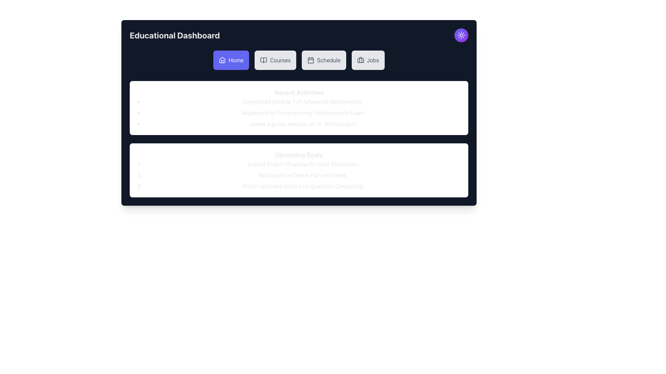 Image resolution: width=666 pixels, height=374 pixels. I want to click on keyboard navigation, so click(236, 60).